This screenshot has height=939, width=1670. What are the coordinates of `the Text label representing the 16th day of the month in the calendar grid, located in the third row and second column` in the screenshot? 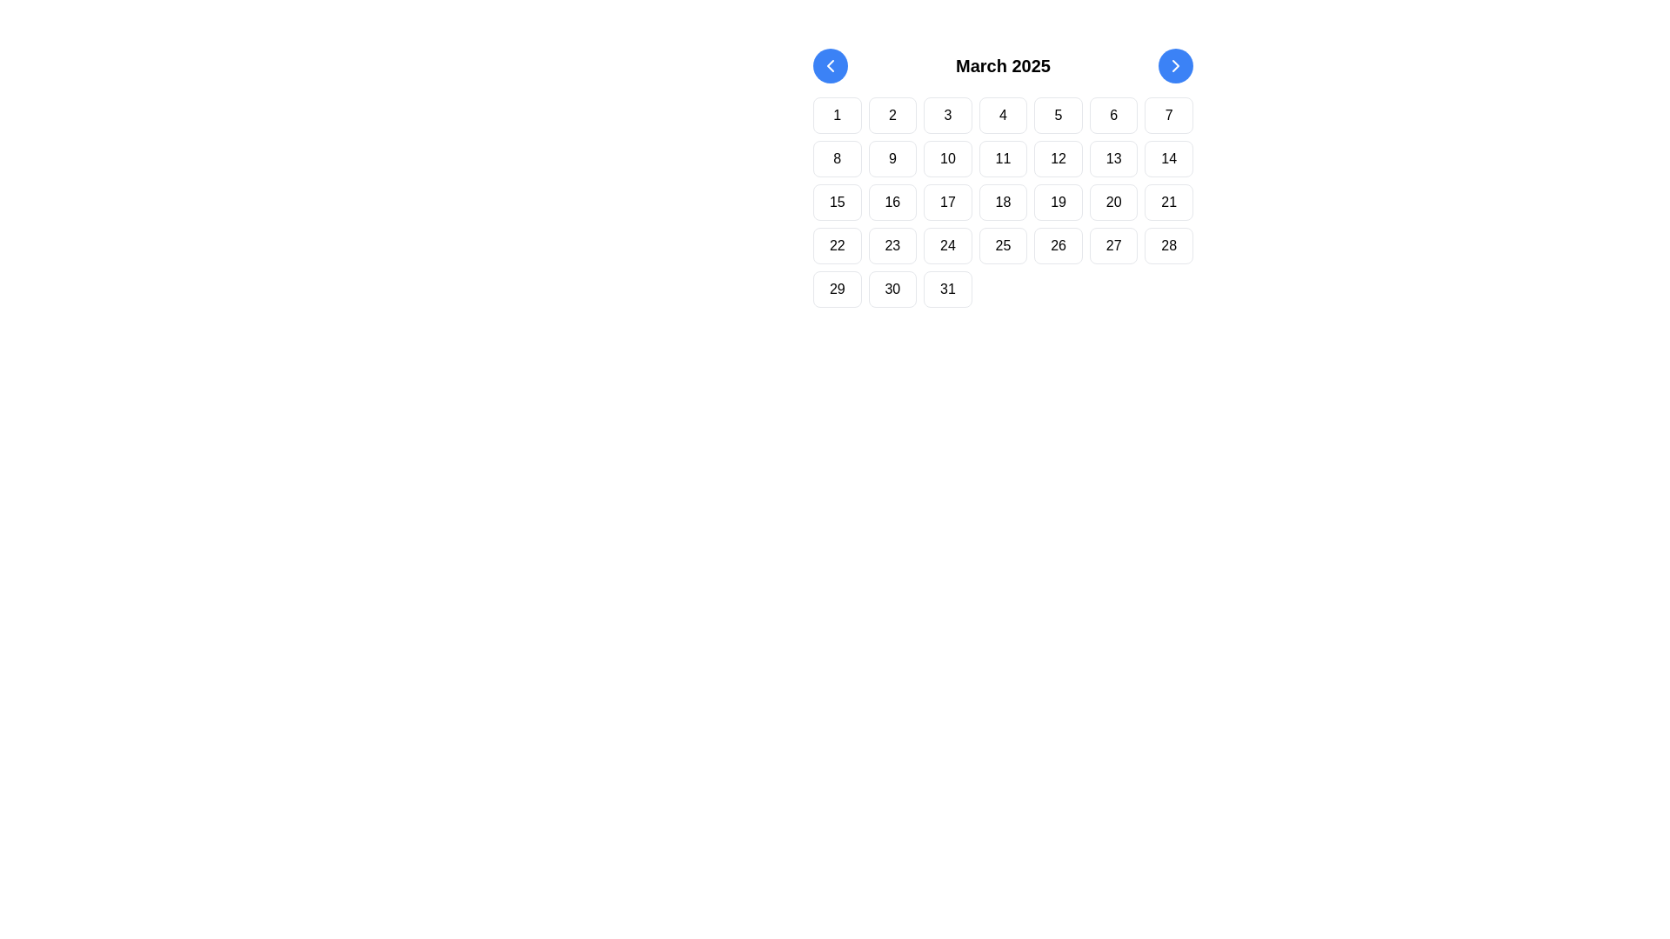 It's located at (892, 201).